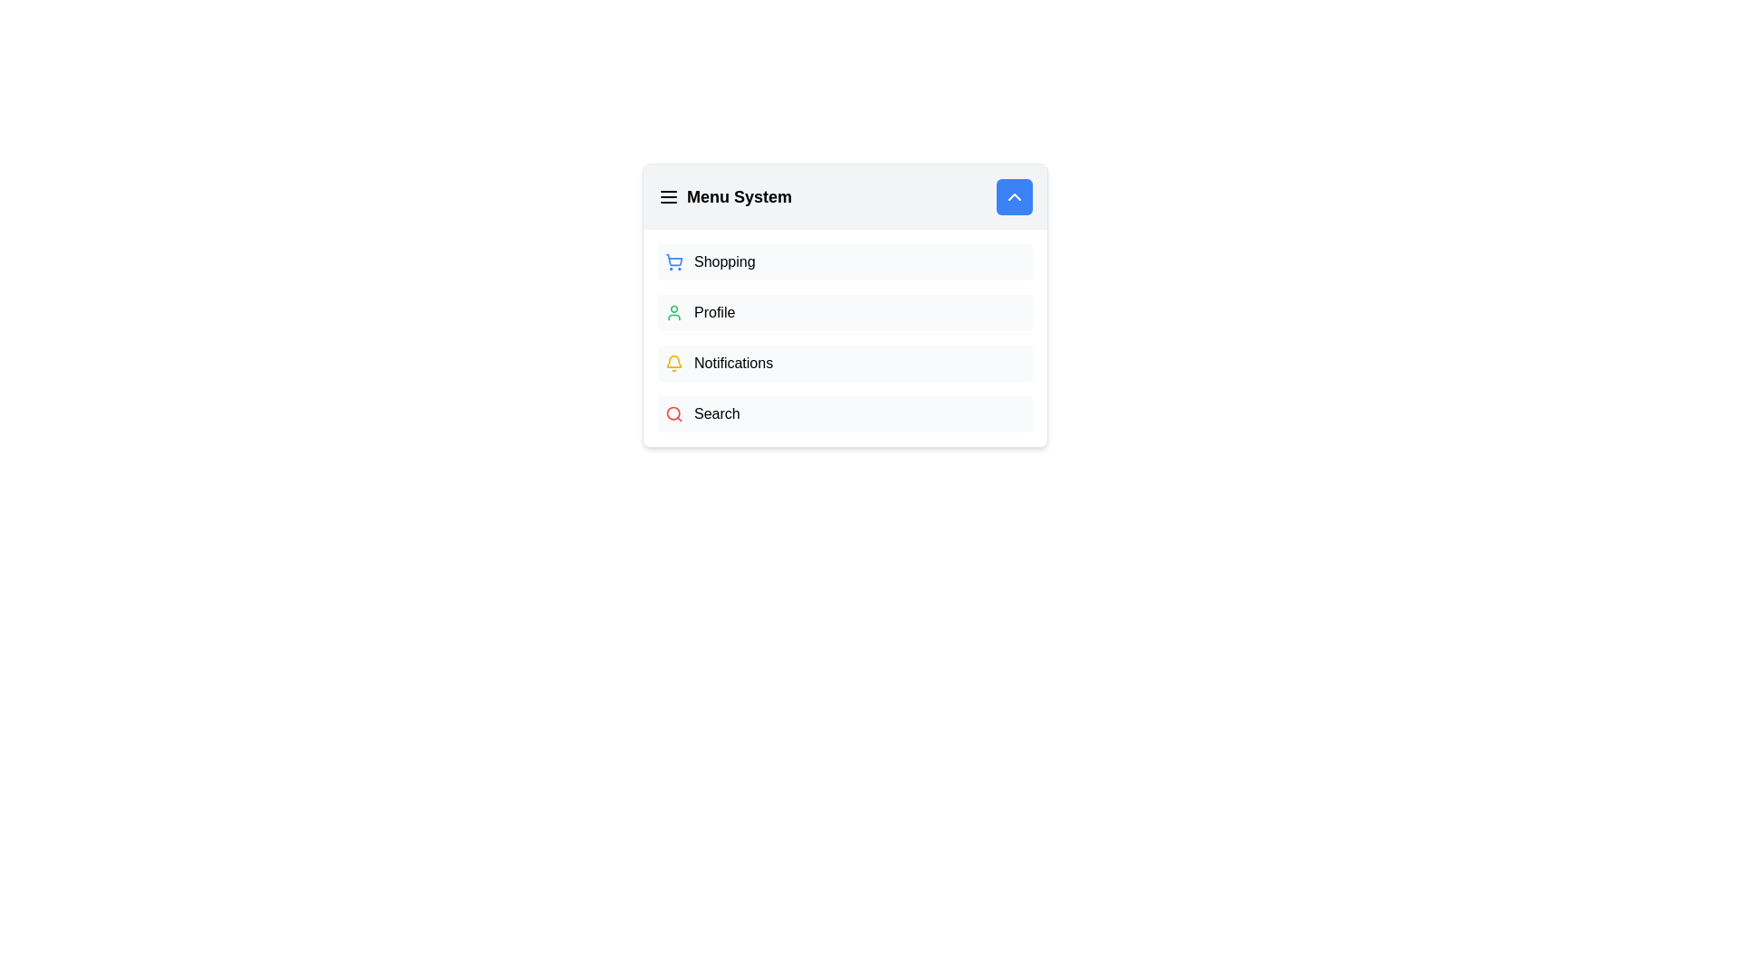 The width and height of the screenshot is (1738, 977). Describe the element at coordinates (845, 261) in the screenshot. I see `the first menu item in the sidebar that navigates to the 'Shopping' page, positioned above 'Profile', 'Notifications', and 'Search'` at that location.